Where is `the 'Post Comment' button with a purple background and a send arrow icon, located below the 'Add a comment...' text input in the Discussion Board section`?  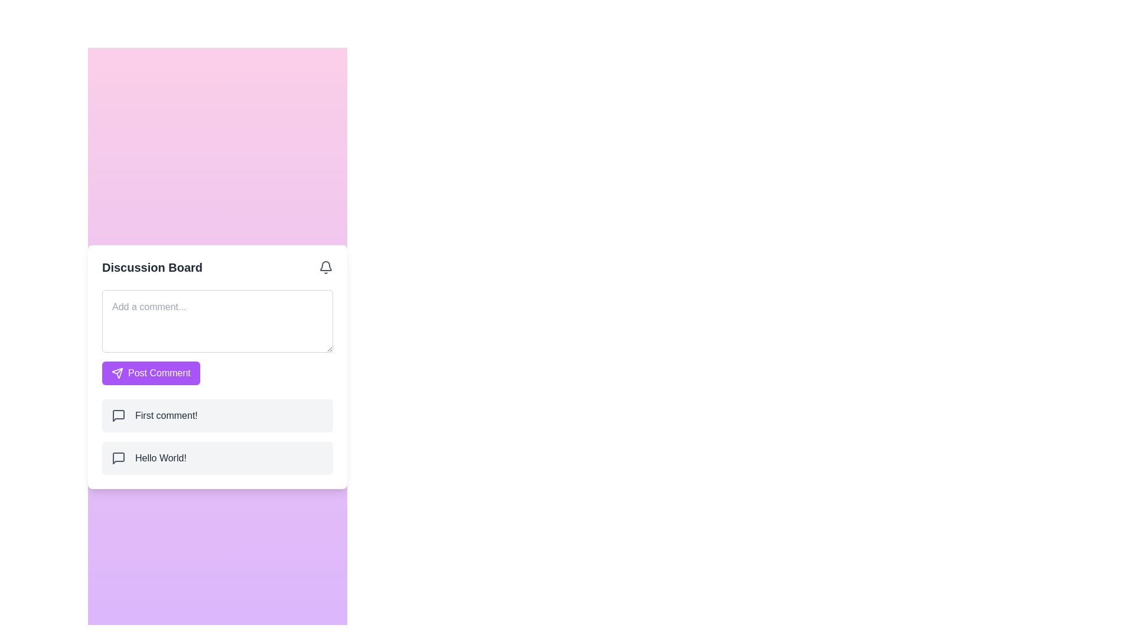
the 'Post Comment' button with a purple background and a send arrow icon, located below the 'Add a comment...' text input in the Discussion Board section is located at coordinates (150, 373).